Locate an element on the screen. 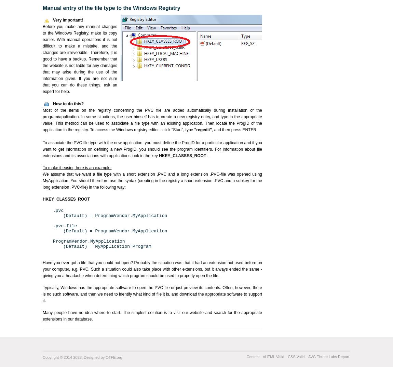 This screenshot has height=367, width=393. '(Default) = MyApplication Program' is located at coordinates (107, 246).